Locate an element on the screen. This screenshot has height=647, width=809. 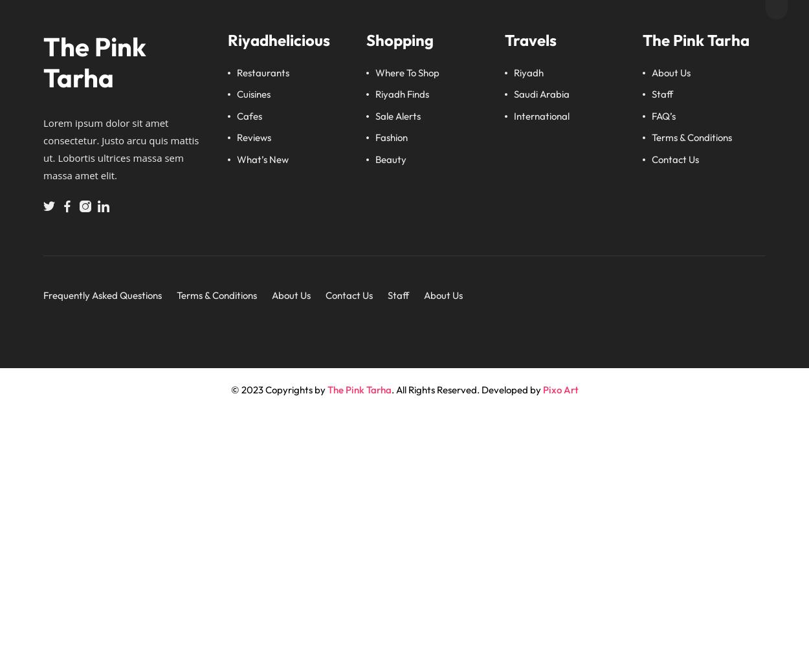
'Pixo Art' is located at coordinates (559, 388).